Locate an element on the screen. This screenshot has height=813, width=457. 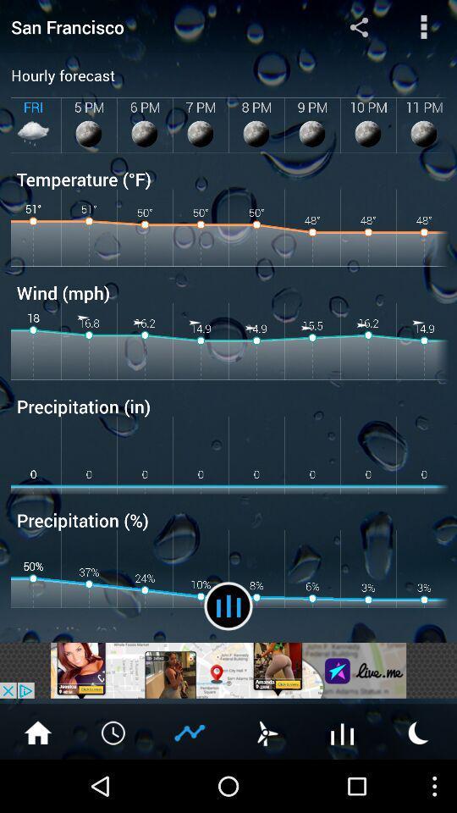
snooze sleep is located at coordinates (418, 731).